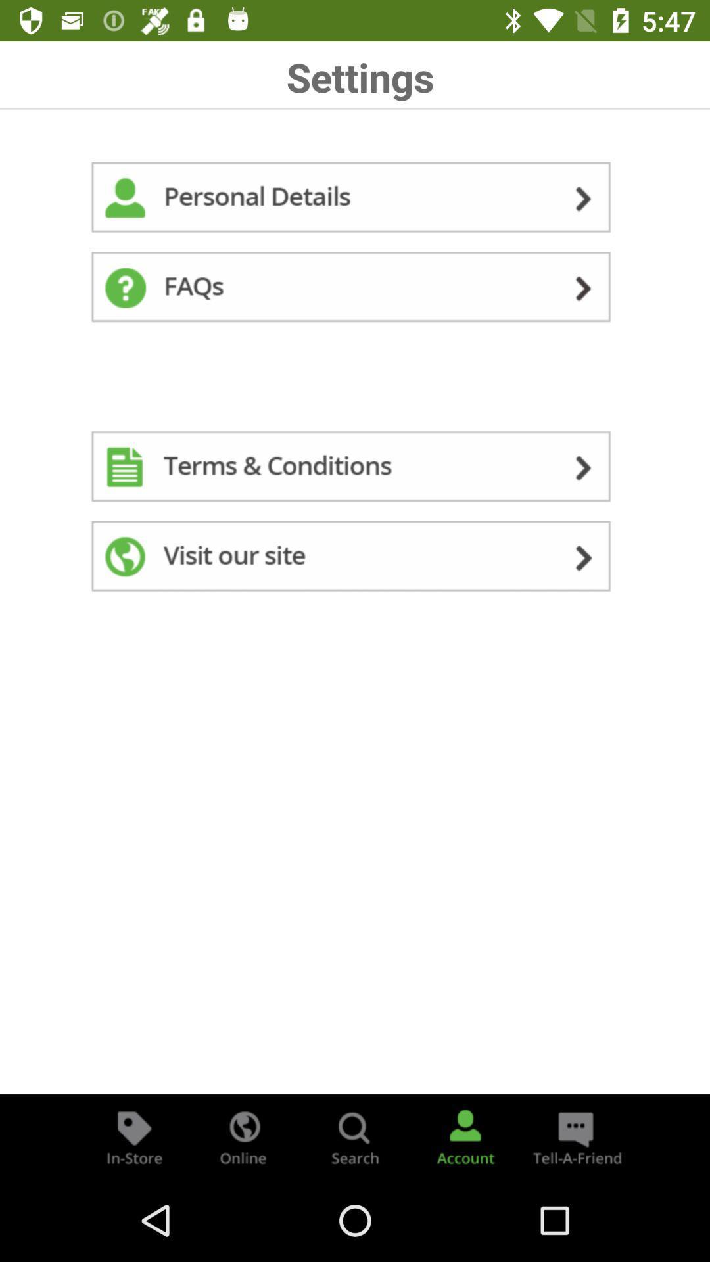  What do you see at coordinates (355, 469) in the screenshot?
I see `see terms conditions` at bounding box center [355, 469].